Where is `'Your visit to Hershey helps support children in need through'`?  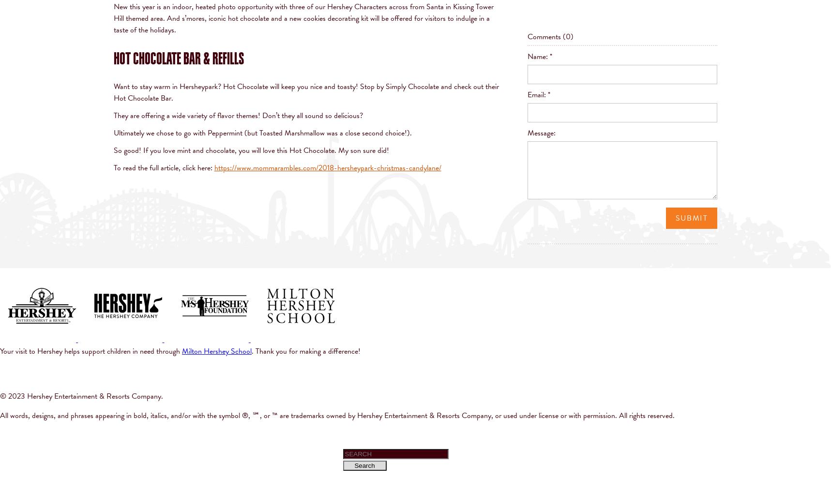 'Your visit to Hershey helps support children in need through' is located at coordinates (91, 351).